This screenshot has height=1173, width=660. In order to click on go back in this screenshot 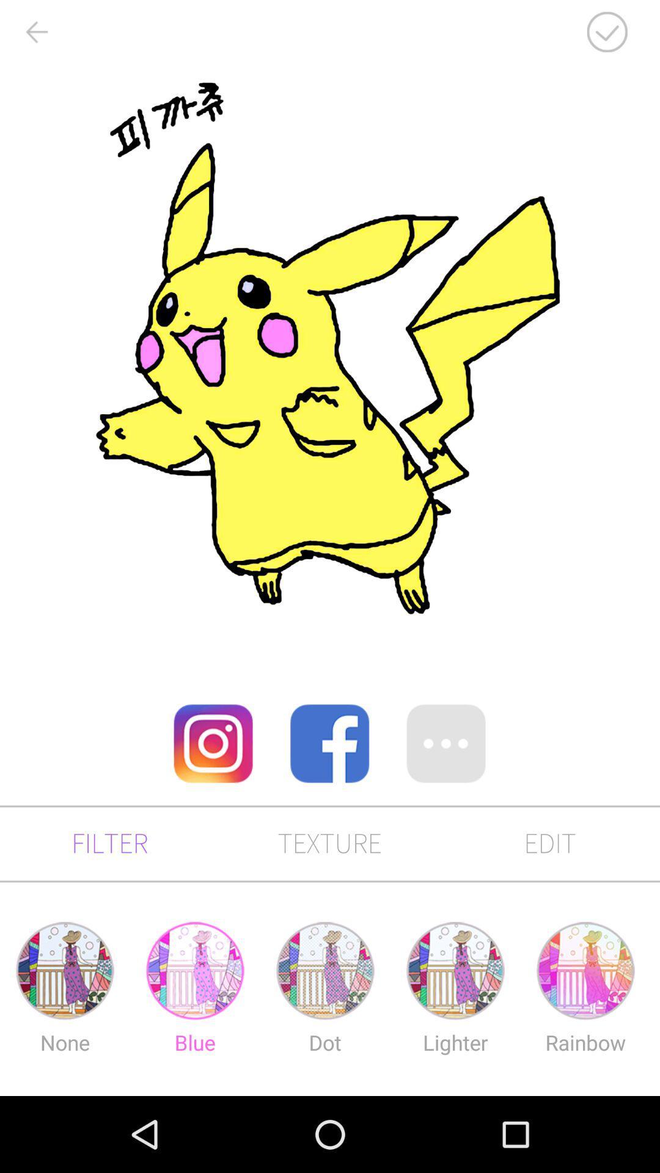, I will do `click(35, 32)`.